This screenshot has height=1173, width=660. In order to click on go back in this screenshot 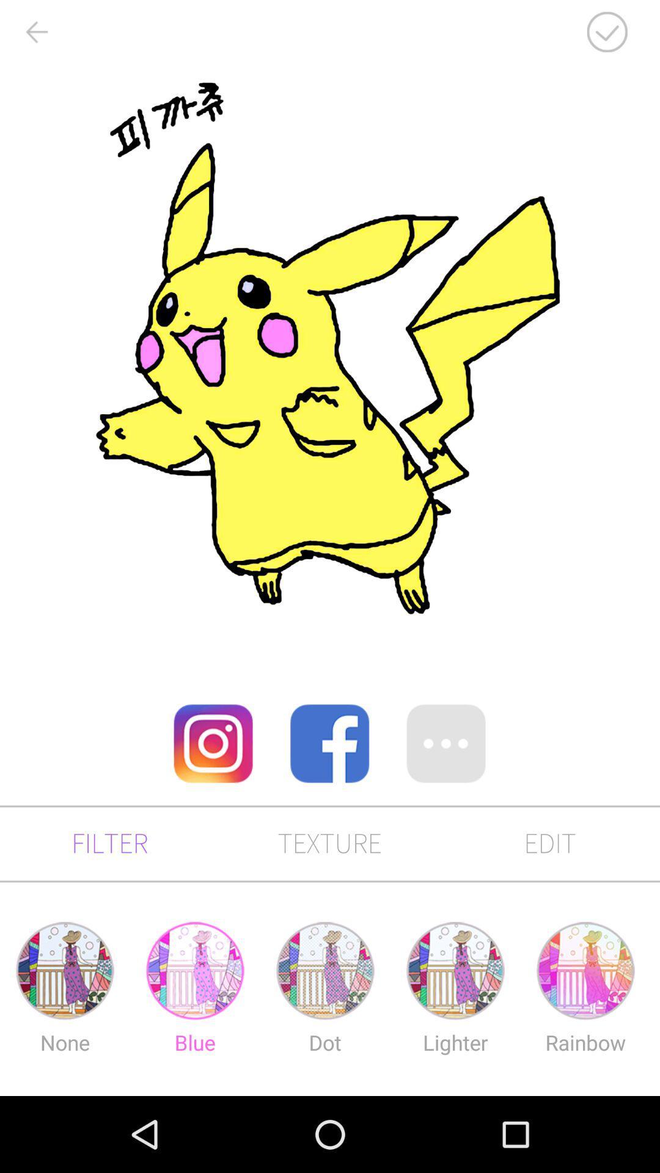, I will do `click(35, 32)`.